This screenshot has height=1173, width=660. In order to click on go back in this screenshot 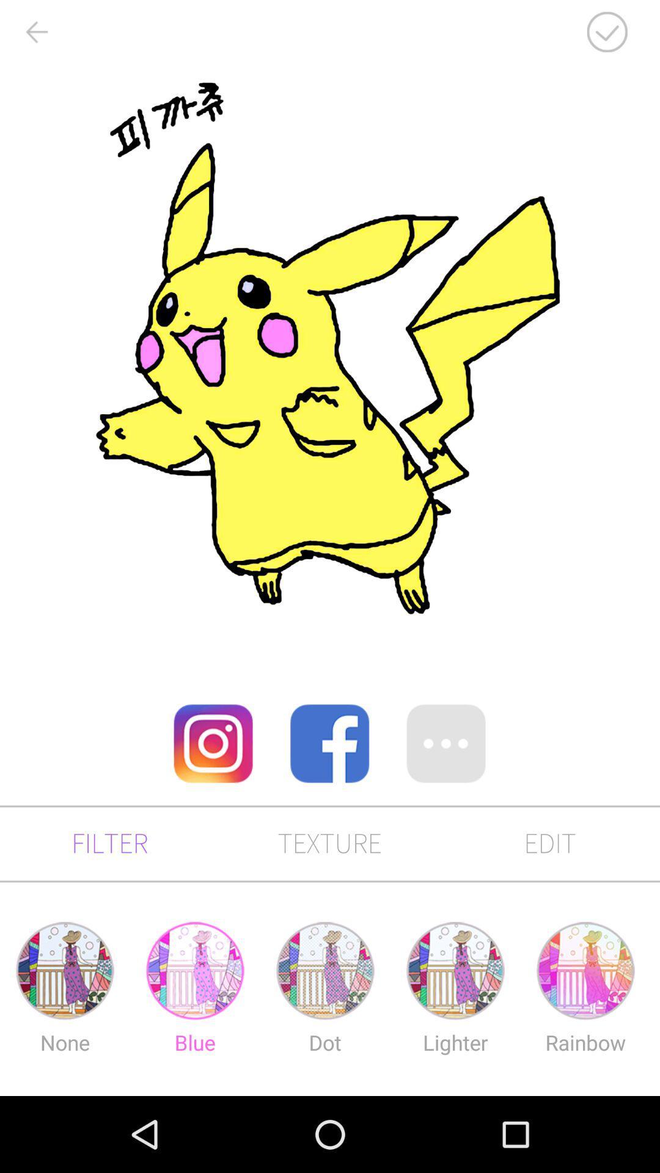, I will do `click(35, 32)`.